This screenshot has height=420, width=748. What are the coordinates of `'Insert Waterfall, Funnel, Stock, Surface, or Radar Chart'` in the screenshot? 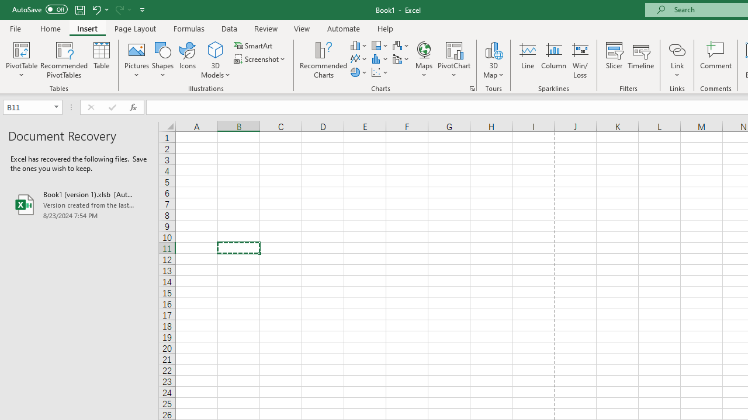 It's located at (401, 45).